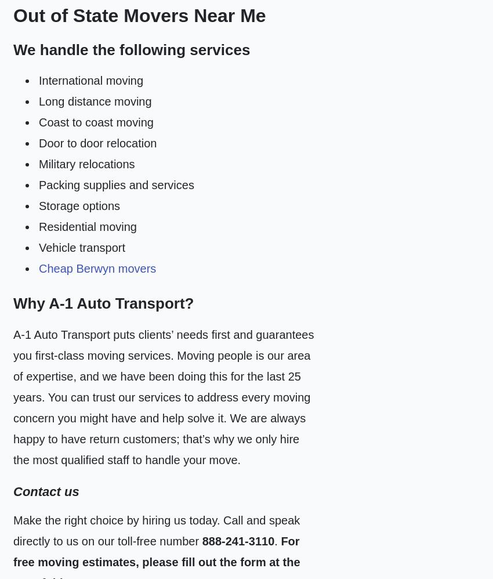 This screenshot has height=579, width=493. What do you see at coordinates (46, 491) in the screenshot?
I see `'Contact us'` at bounding box center [46, 491].